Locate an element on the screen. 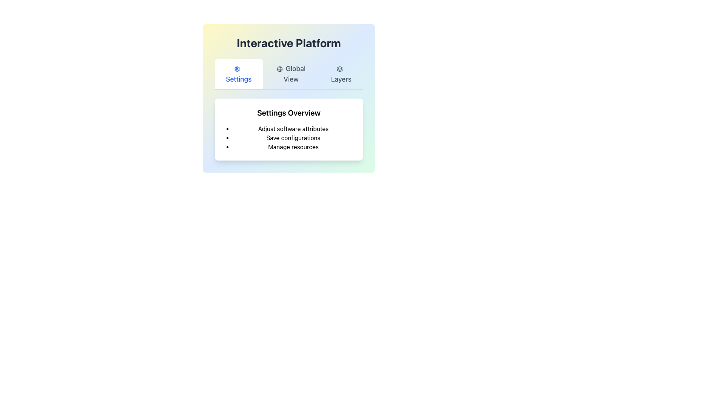 The width and height of the screenshot is (725, 408). content displayed in the Informational Content Box, which is the third section below the navigation bar and presents an overview of settings options is located at coordinates (288, 117).